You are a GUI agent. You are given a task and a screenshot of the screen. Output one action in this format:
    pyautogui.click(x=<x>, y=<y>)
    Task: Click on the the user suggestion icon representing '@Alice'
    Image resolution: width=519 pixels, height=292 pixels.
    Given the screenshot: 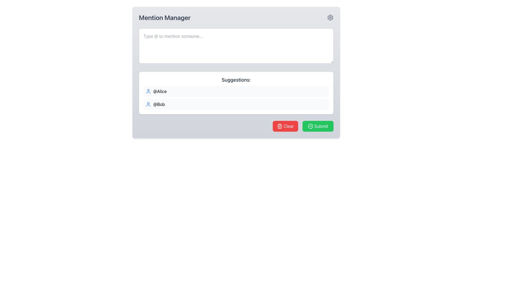 What is the action you would take?
    pyautogui.click(x=148, y=91)
    